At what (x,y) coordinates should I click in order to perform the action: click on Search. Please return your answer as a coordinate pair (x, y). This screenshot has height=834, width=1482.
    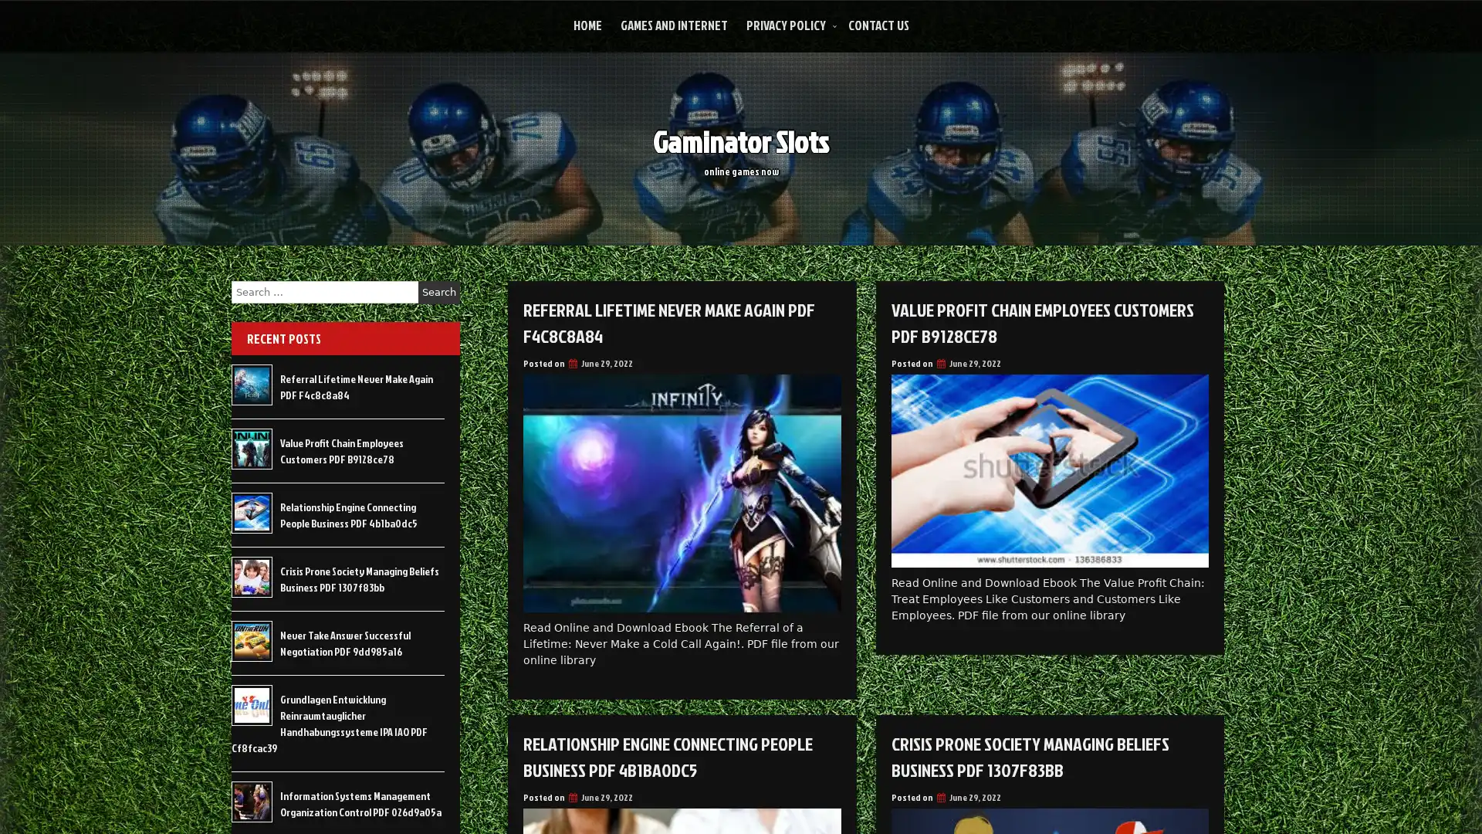
    Looking at the image, I should click on (438, 292).